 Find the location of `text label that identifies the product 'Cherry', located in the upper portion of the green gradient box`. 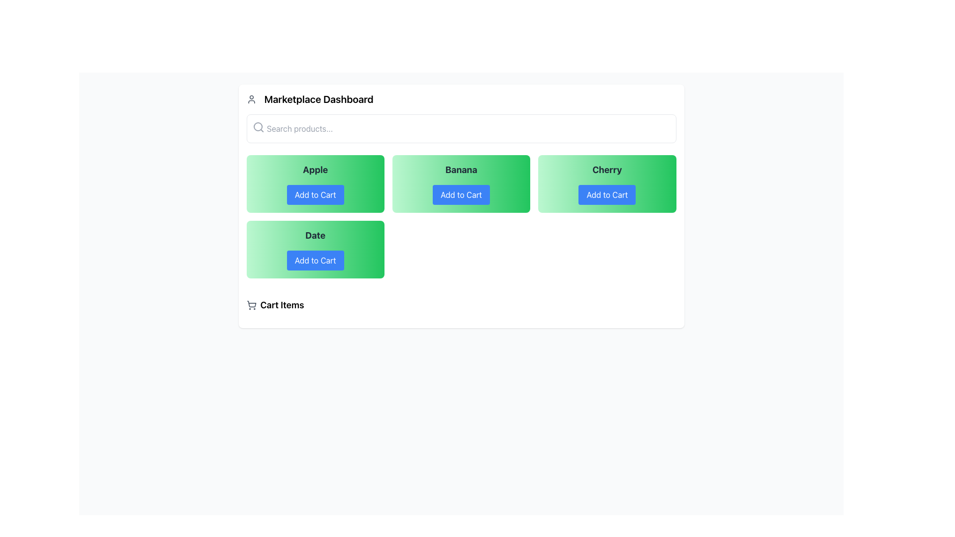

text label that identifies the product 'Cherry', located in the upper portion of the green gradient box is located at coordinates (606, 170).